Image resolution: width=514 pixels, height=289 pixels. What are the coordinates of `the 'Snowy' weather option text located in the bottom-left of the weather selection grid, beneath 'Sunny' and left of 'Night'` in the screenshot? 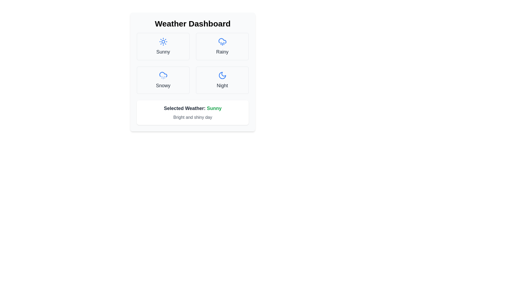 It's located at (163, 85).